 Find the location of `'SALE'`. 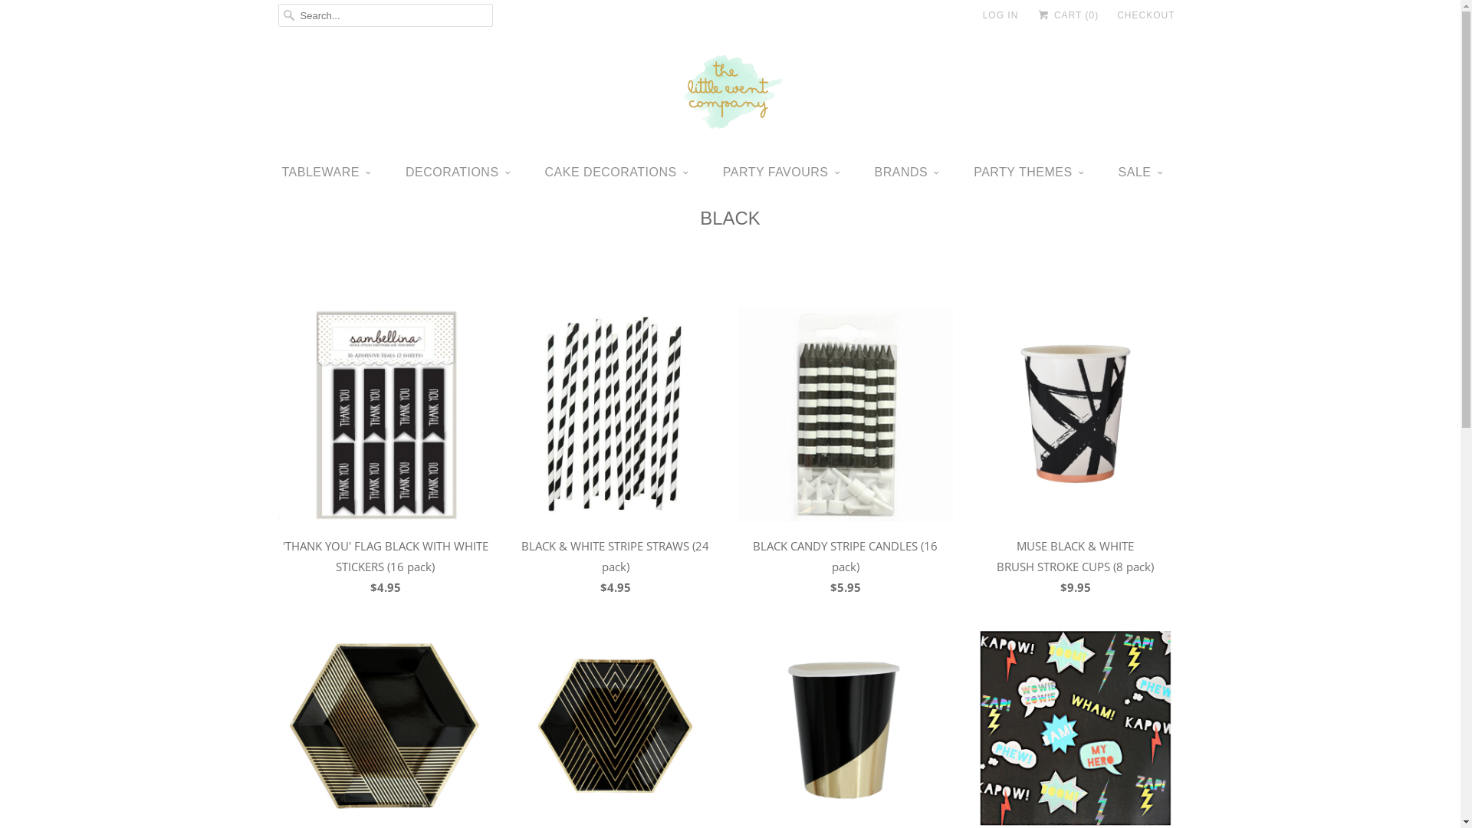

'SALE' is located at coordinates (1119, 172).